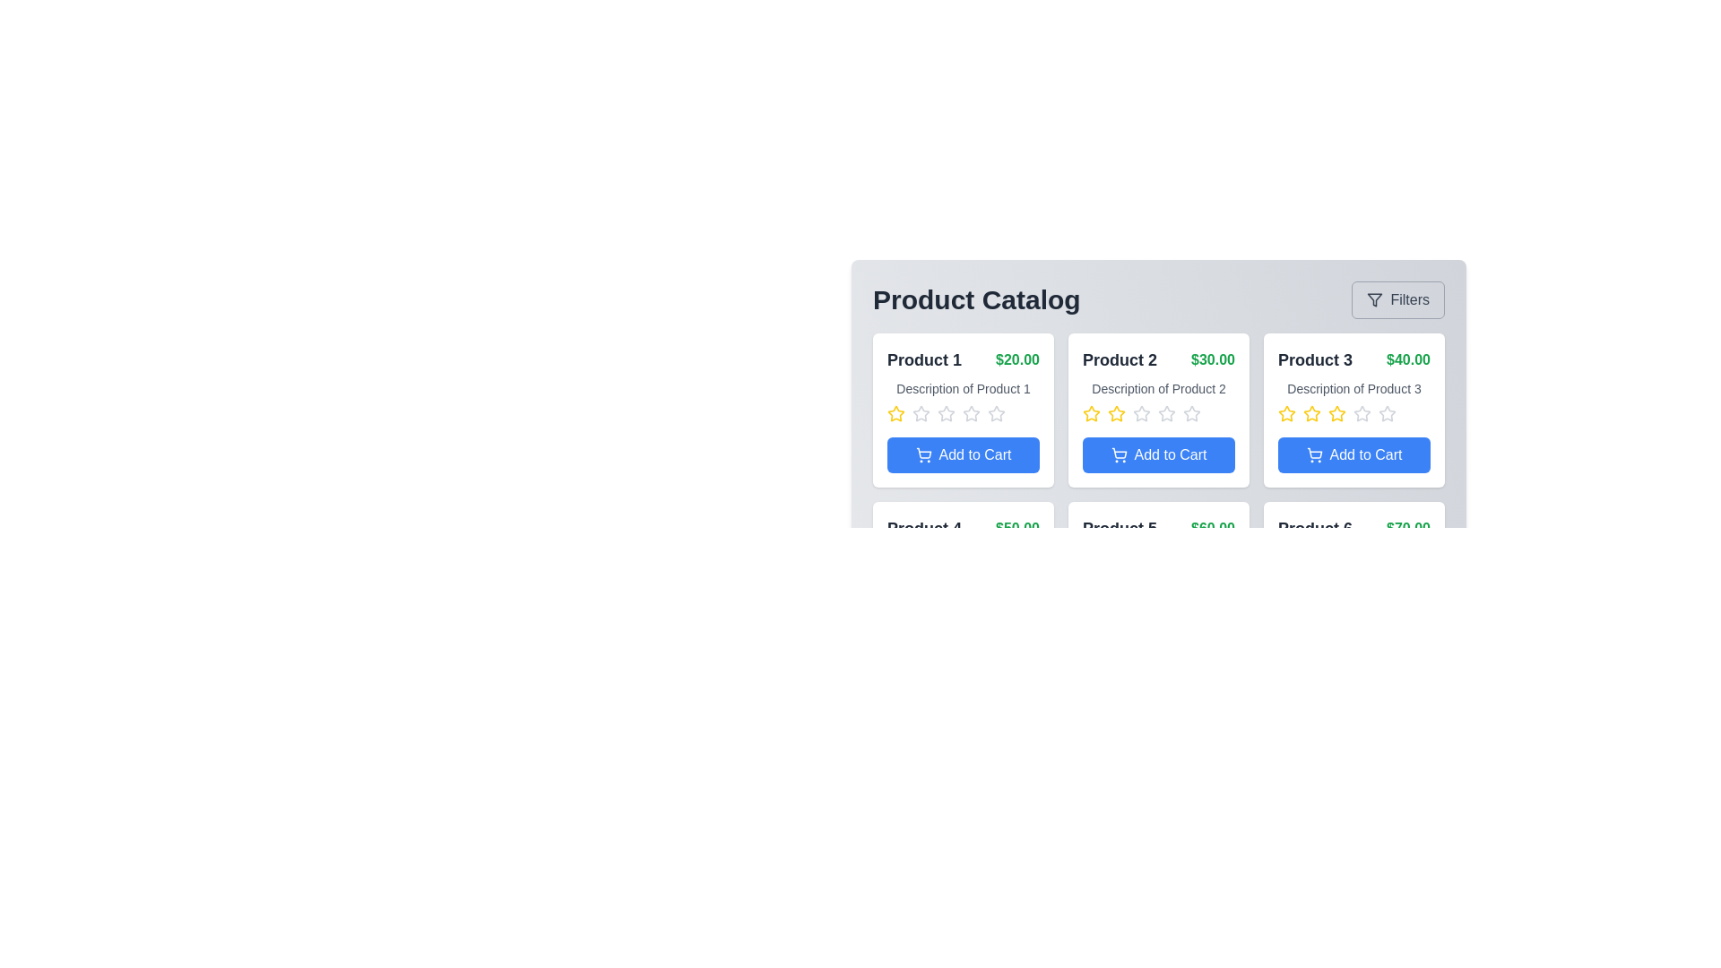 This screenshot has width=1721, height=968. Describe the element at coordinates (963, 454) in the screenshot. I see `the 'Add to Cart' button for 'Product 1'` at that location.